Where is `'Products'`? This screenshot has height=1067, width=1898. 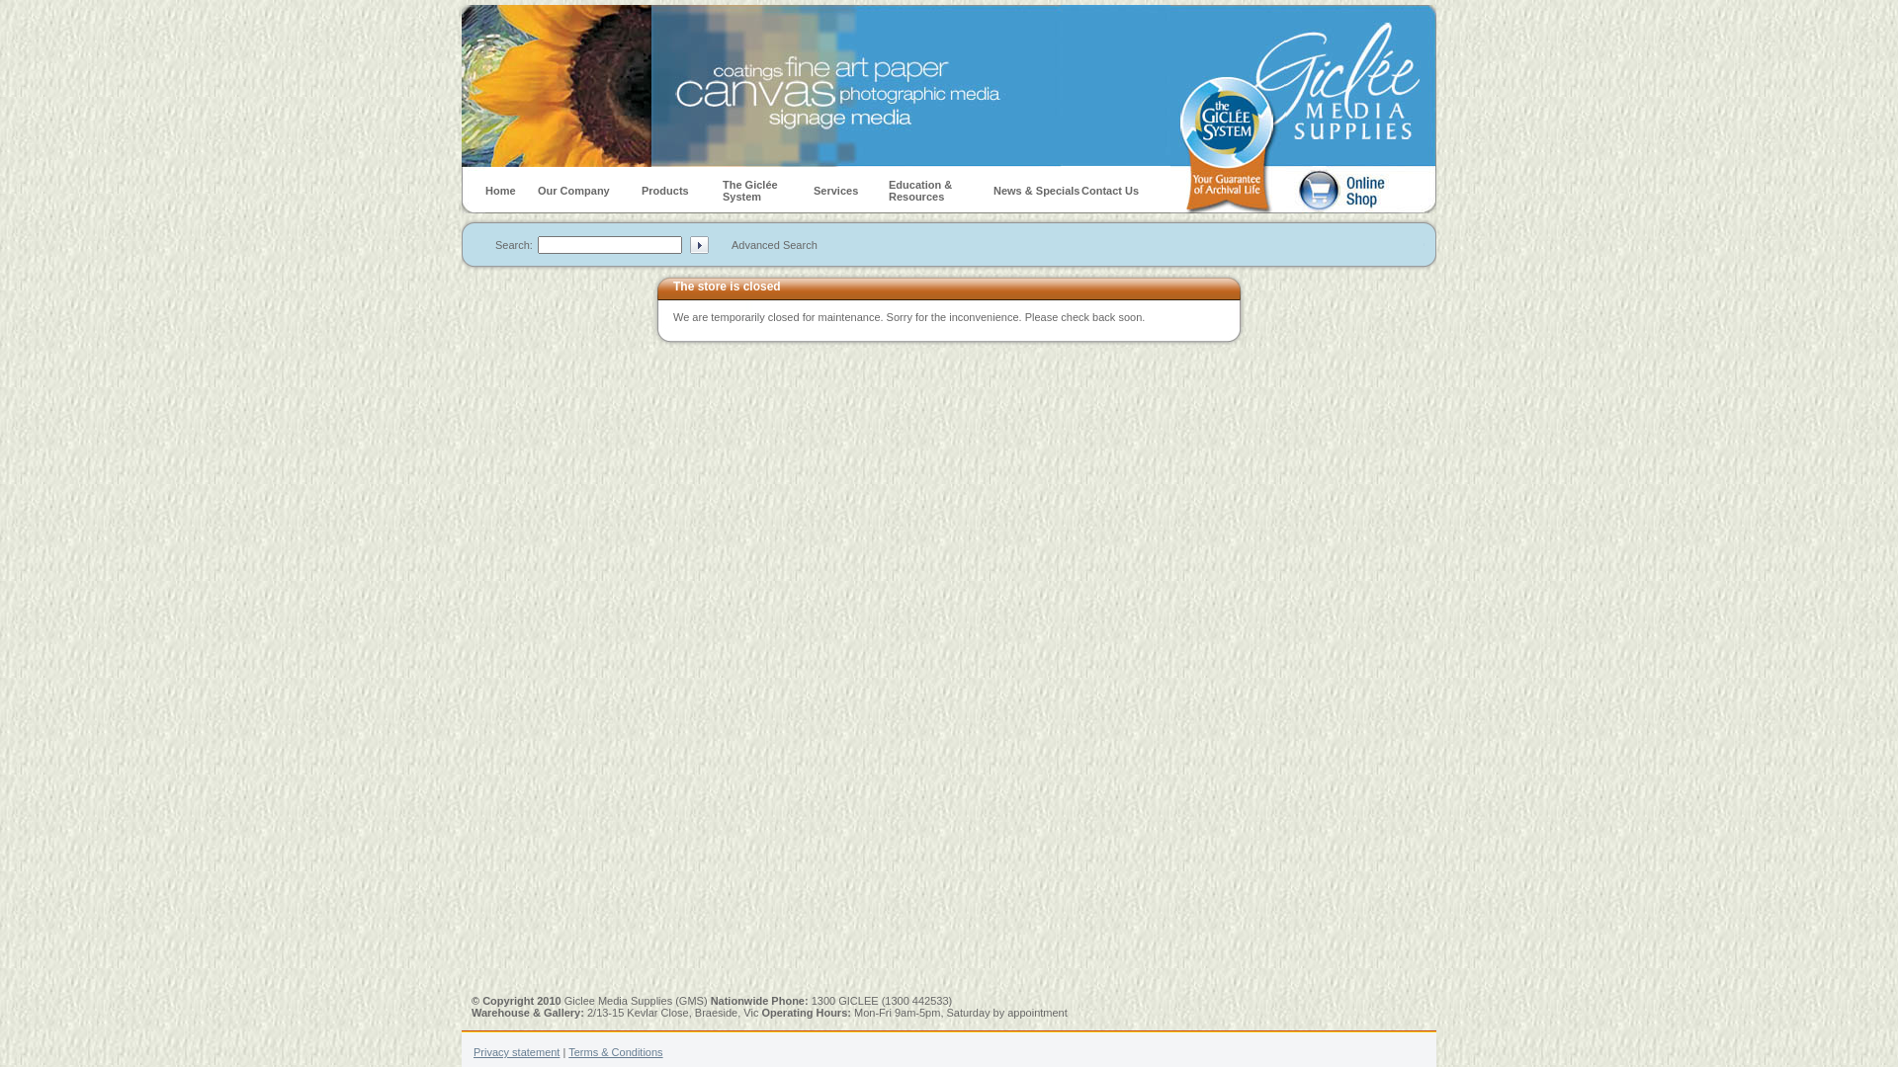 'Products' is located at coordinates (641, 190).